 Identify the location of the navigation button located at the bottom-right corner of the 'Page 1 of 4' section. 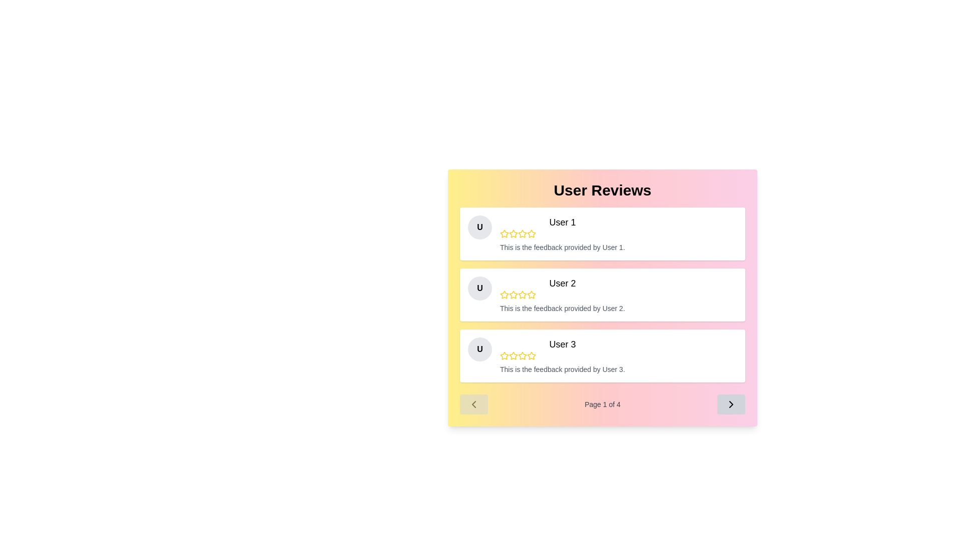
(731, 404).